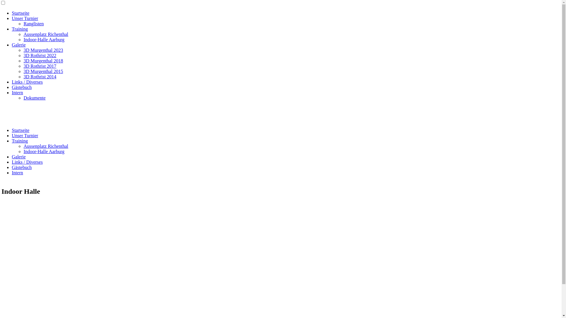 This screenshot has height=318, width=566. I want to click on 'Links / Diverses', so click(11, 82).